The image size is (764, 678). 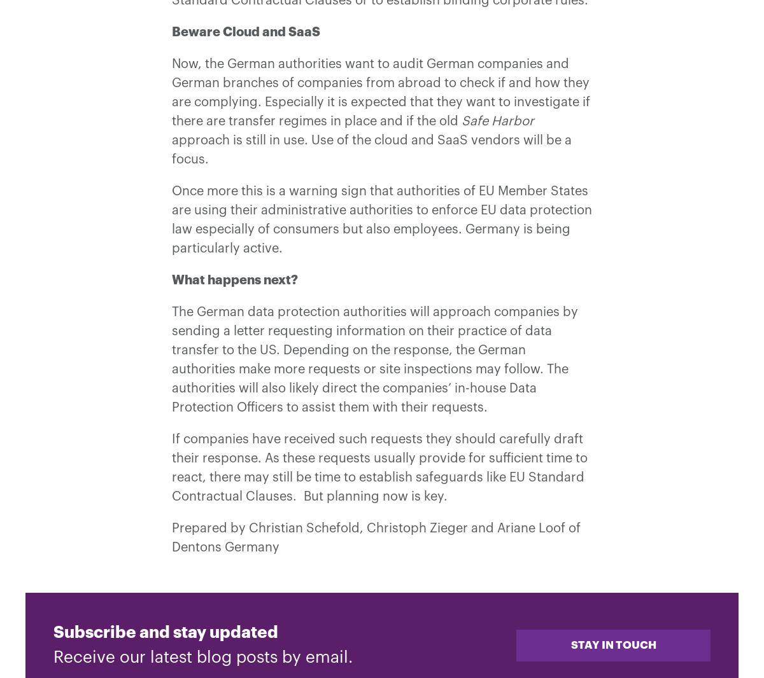 I want to click on 'If companies have received such requests they should carefully draft their response. As these requests usually provide for sufficient time to react, there may still be time to establish safeguards like EU Standard Contractual Clauses.  But planning now is key.', so click(x=379, y=467).